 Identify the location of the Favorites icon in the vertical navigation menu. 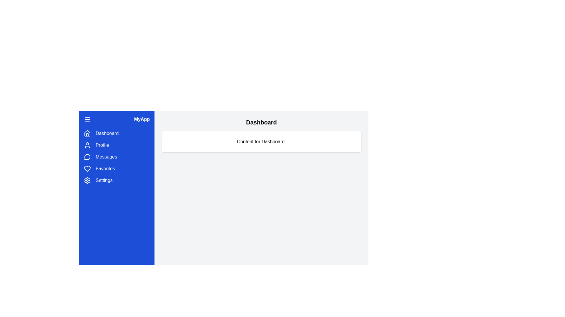
(87, 168).